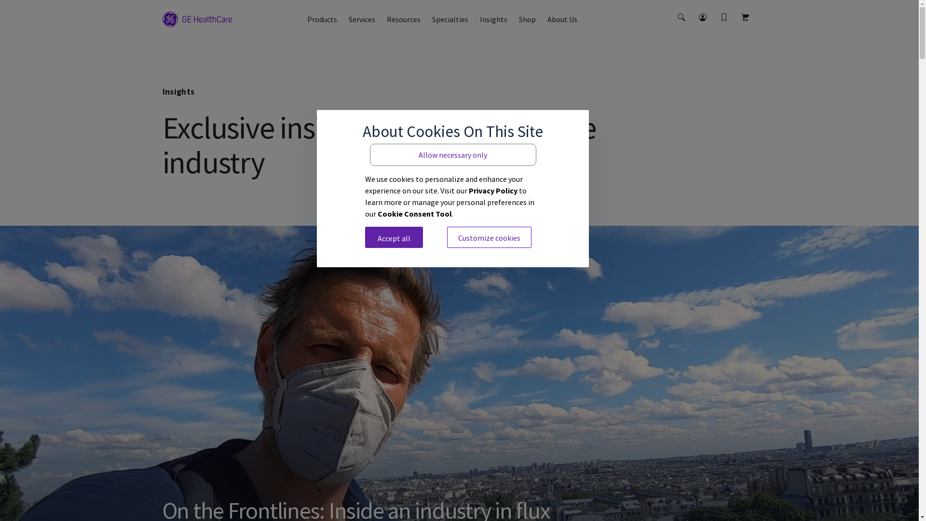 The width and height of the screenshot is (926, 521). What do you see at coordinates (394, 237) in the screenshot?
I see `'Accept all'` at bounding box center [394, 237].